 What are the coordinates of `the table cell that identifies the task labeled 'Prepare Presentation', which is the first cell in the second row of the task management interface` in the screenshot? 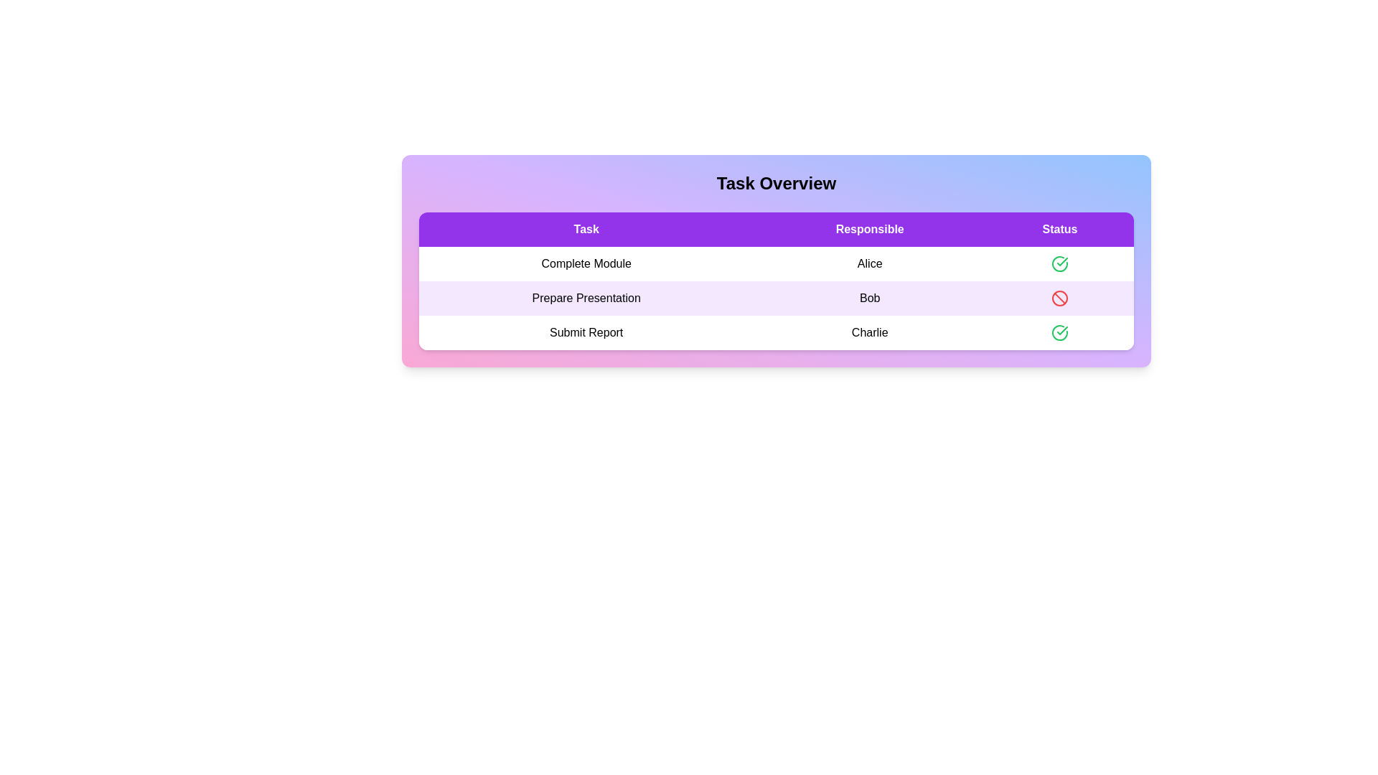 It's located at (586, 298).